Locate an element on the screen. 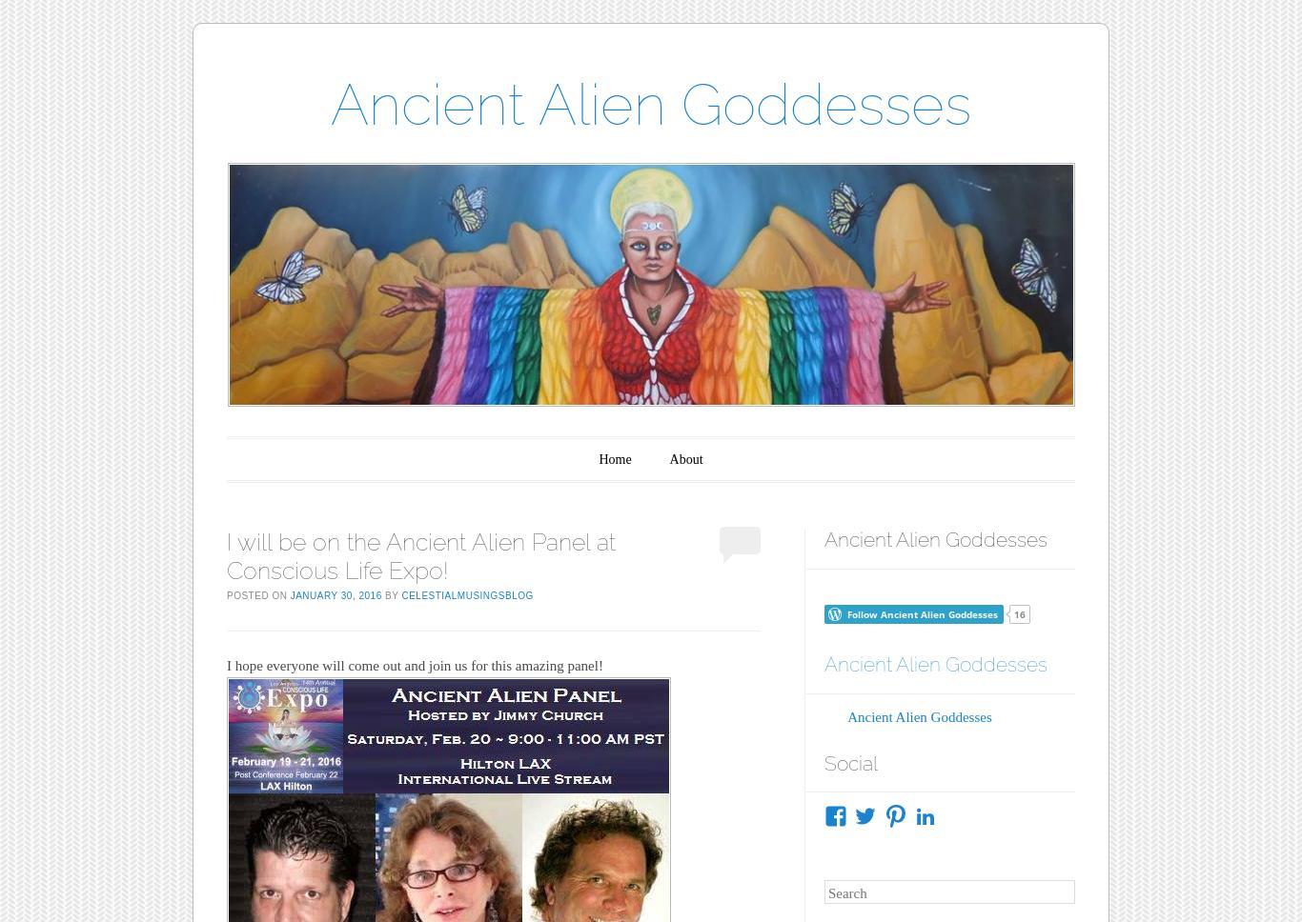 This screenshot has height=922, width=1302. 'I hope everyone will come out and join us for this amazing panel!' is located at coordinates (413, 664).